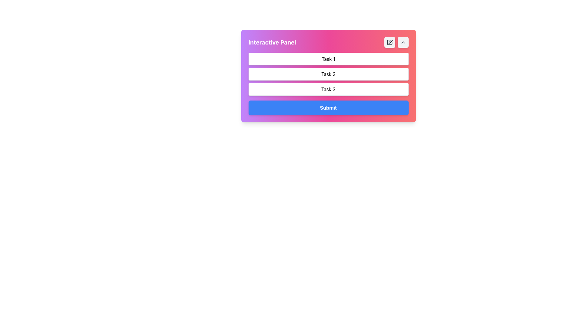 The image size is (582, 327). Describe the element at coordinates (390, 41) in the screenshot. I see `the edit icon represented by a pencil and square located in the top-right corner of the 'Interactive Panel' card` at that location.